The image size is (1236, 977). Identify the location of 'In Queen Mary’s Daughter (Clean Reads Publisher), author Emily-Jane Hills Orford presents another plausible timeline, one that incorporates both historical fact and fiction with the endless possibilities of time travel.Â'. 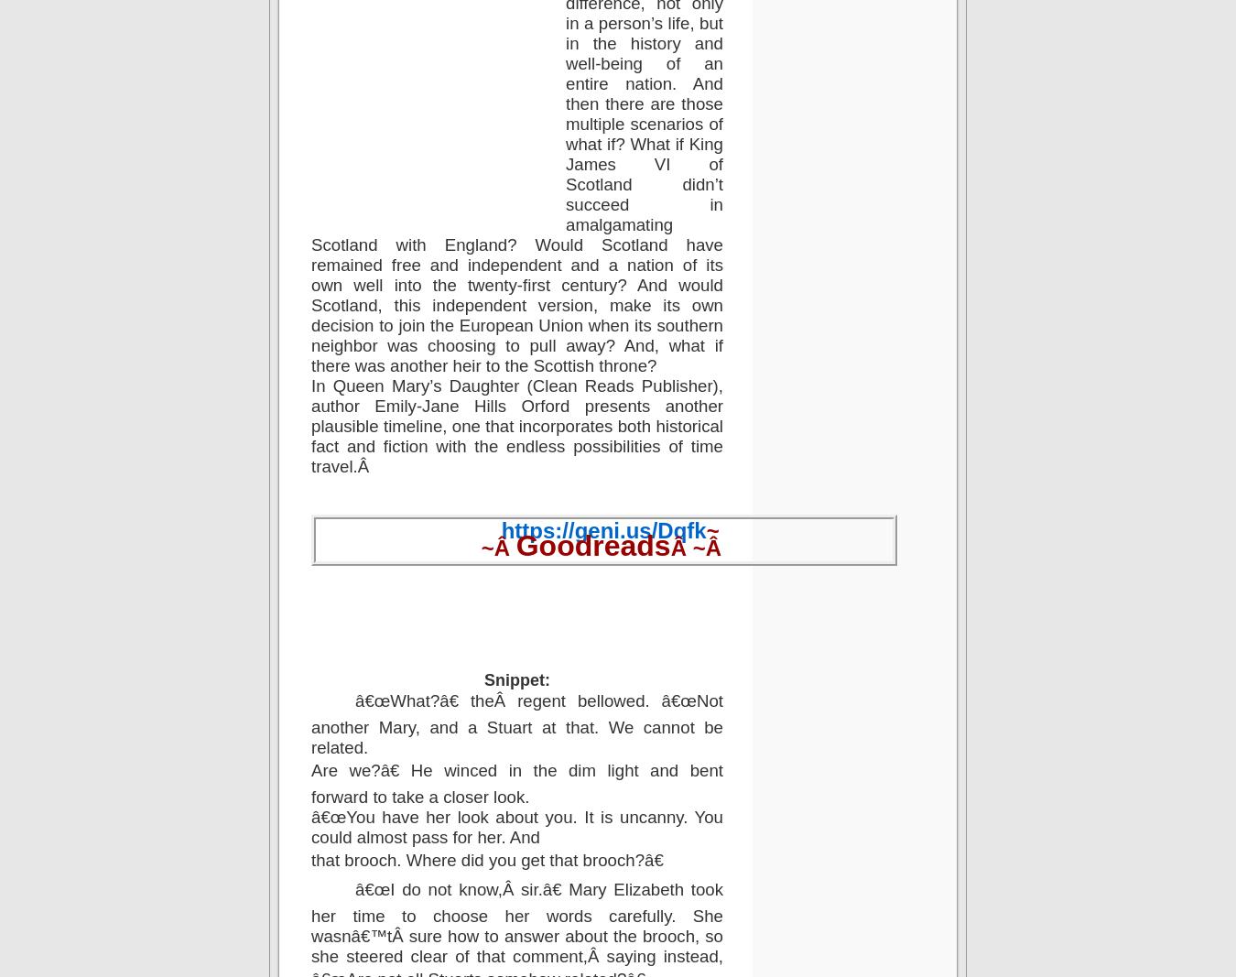
(516, 424).